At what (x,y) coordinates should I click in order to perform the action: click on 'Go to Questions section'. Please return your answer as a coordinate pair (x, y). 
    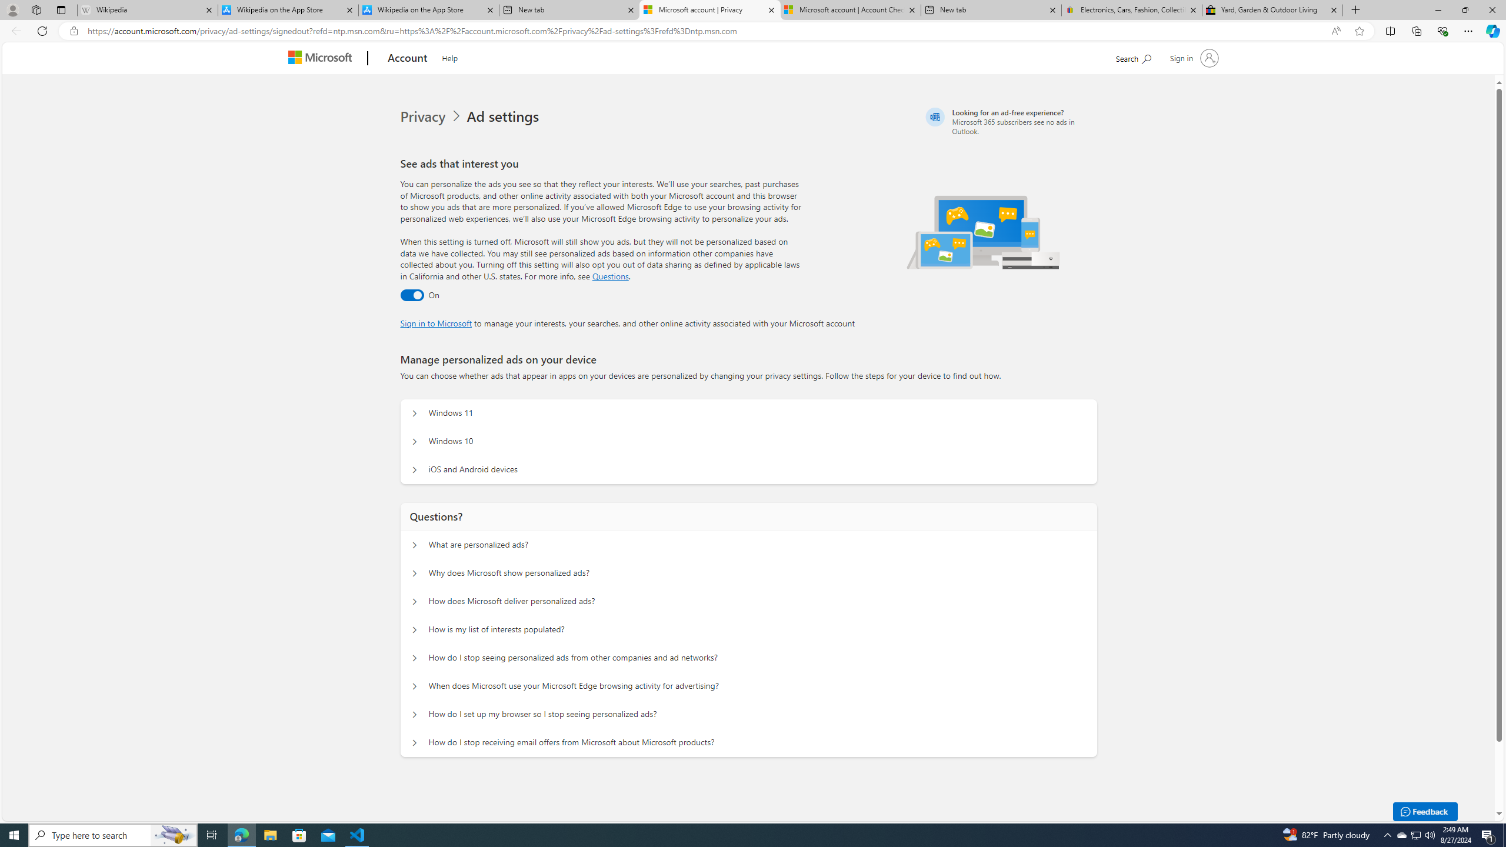
    Looking at the image, I should click on (611, 275).